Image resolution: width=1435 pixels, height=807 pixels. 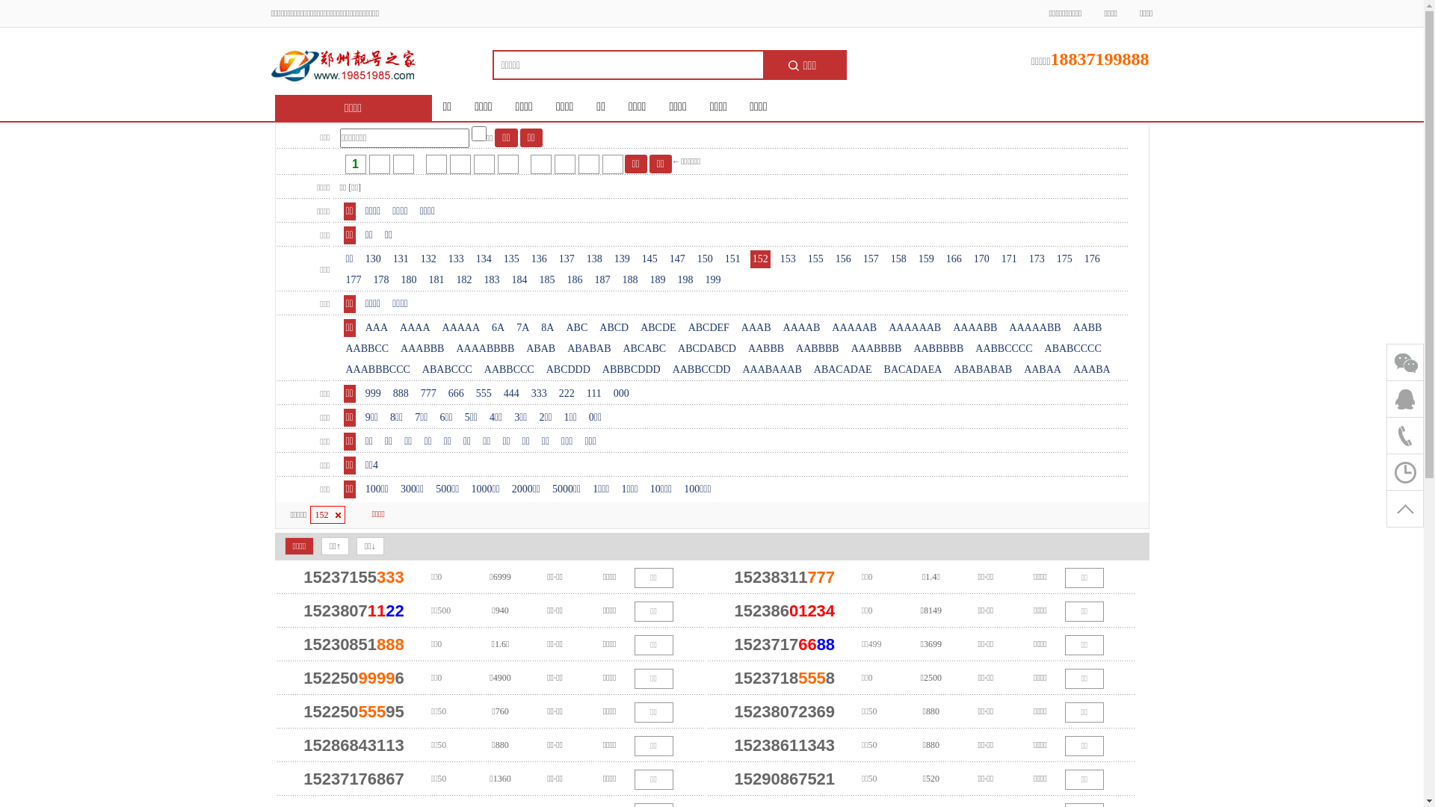 I want to click on '555', so click(x=484, y=393).